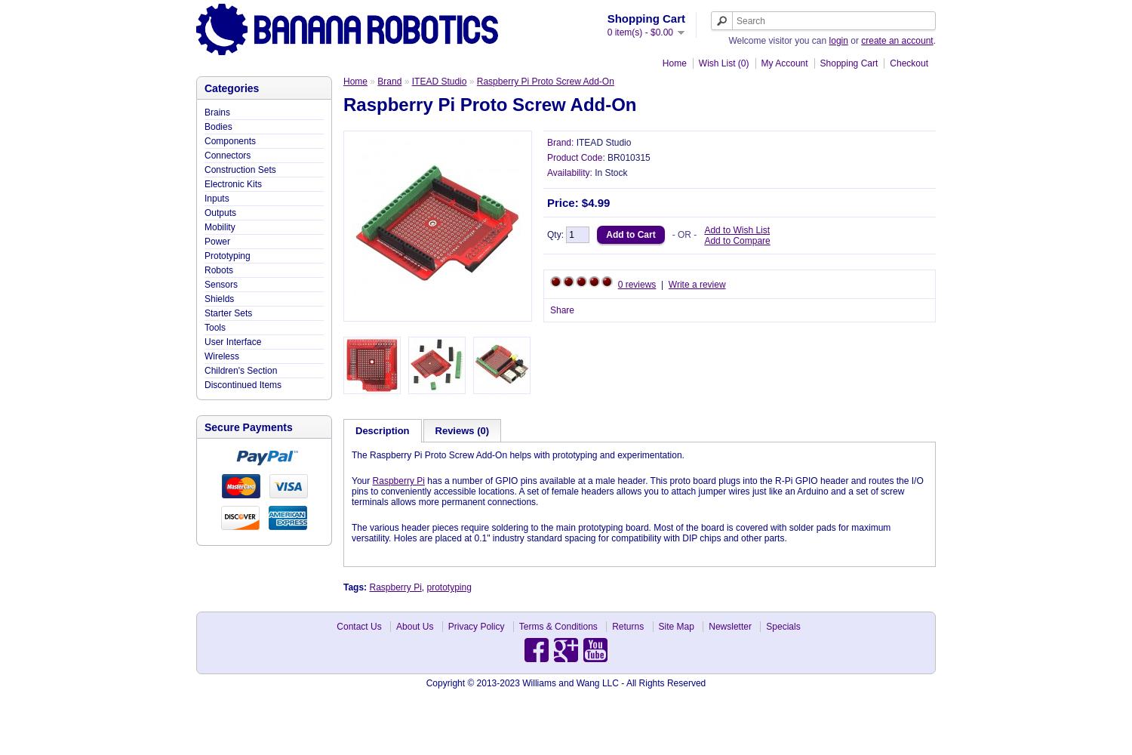 The width and height of the screenshot is (1132, 755). I want to click on 'Contact Us', so click(335, 626).